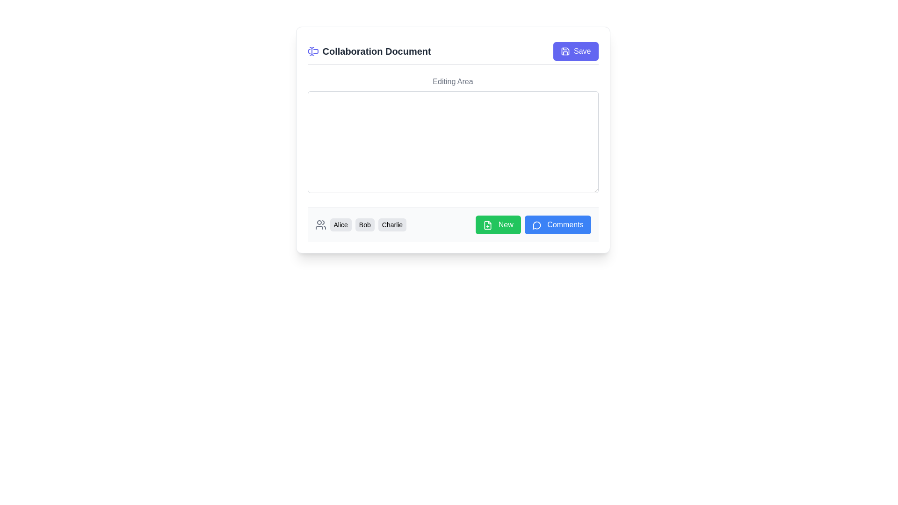  What do you see at coordinates (565, 51) in the screenshot?
I see `the 'Save' icon located on the left side of the 'Save' button in the top-right corner of the interface` at bounding box center [565, 51].